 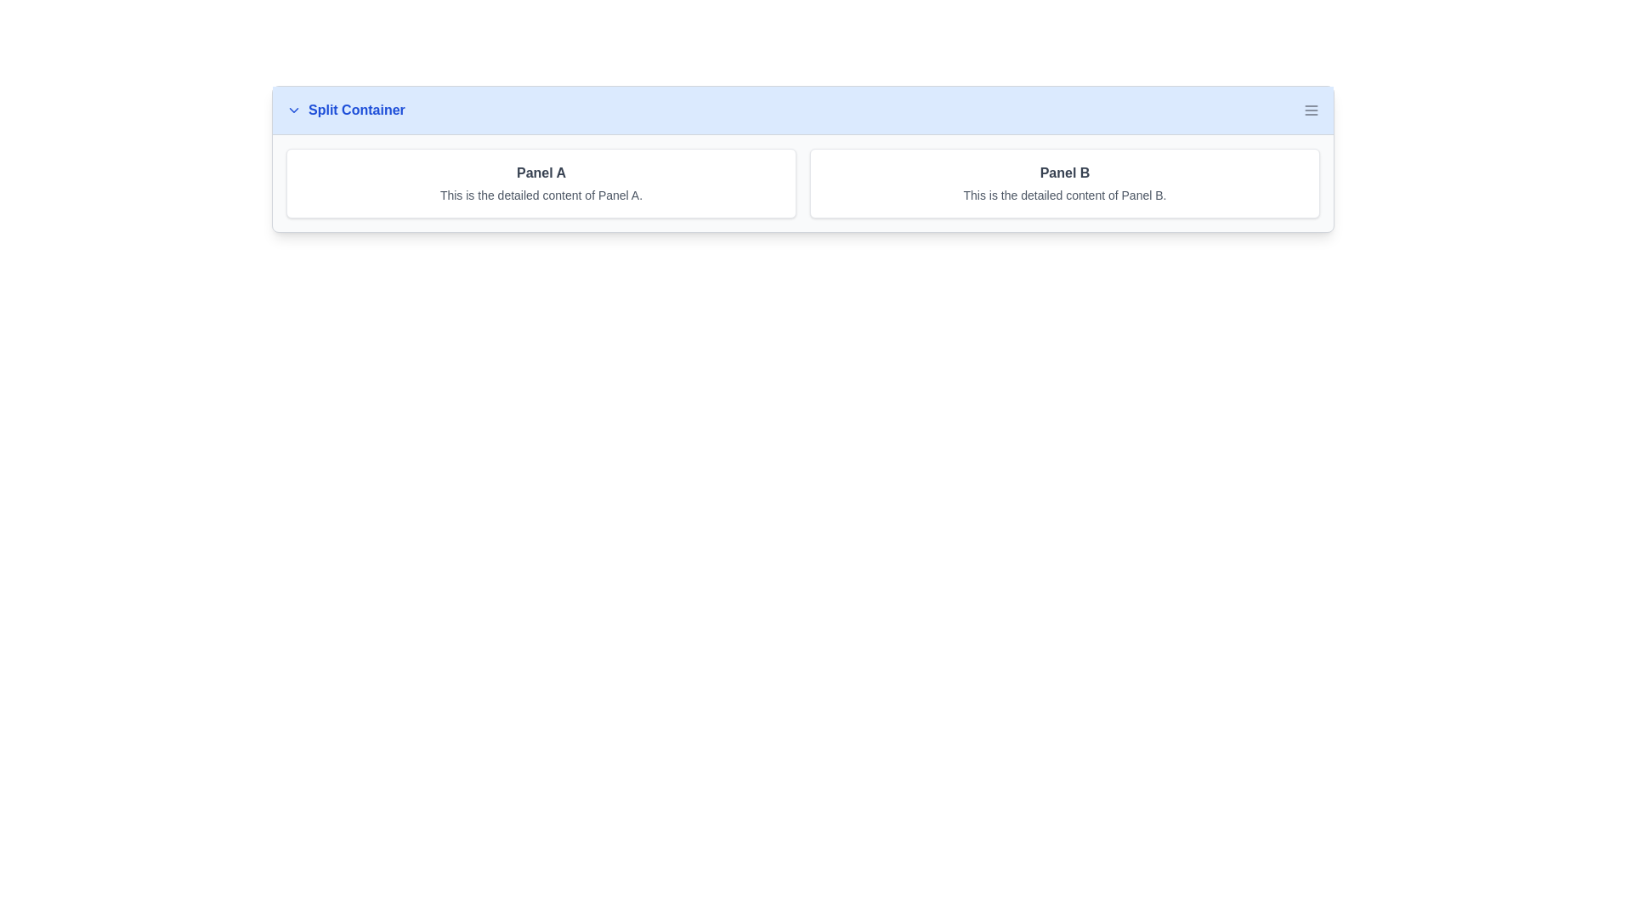 What do you see at coordinates (344, 110) in the screenshot?
I see `the toggle button-like interactive text located in the top-left corner of the highlighted header area` at bounding box center [344, 110].